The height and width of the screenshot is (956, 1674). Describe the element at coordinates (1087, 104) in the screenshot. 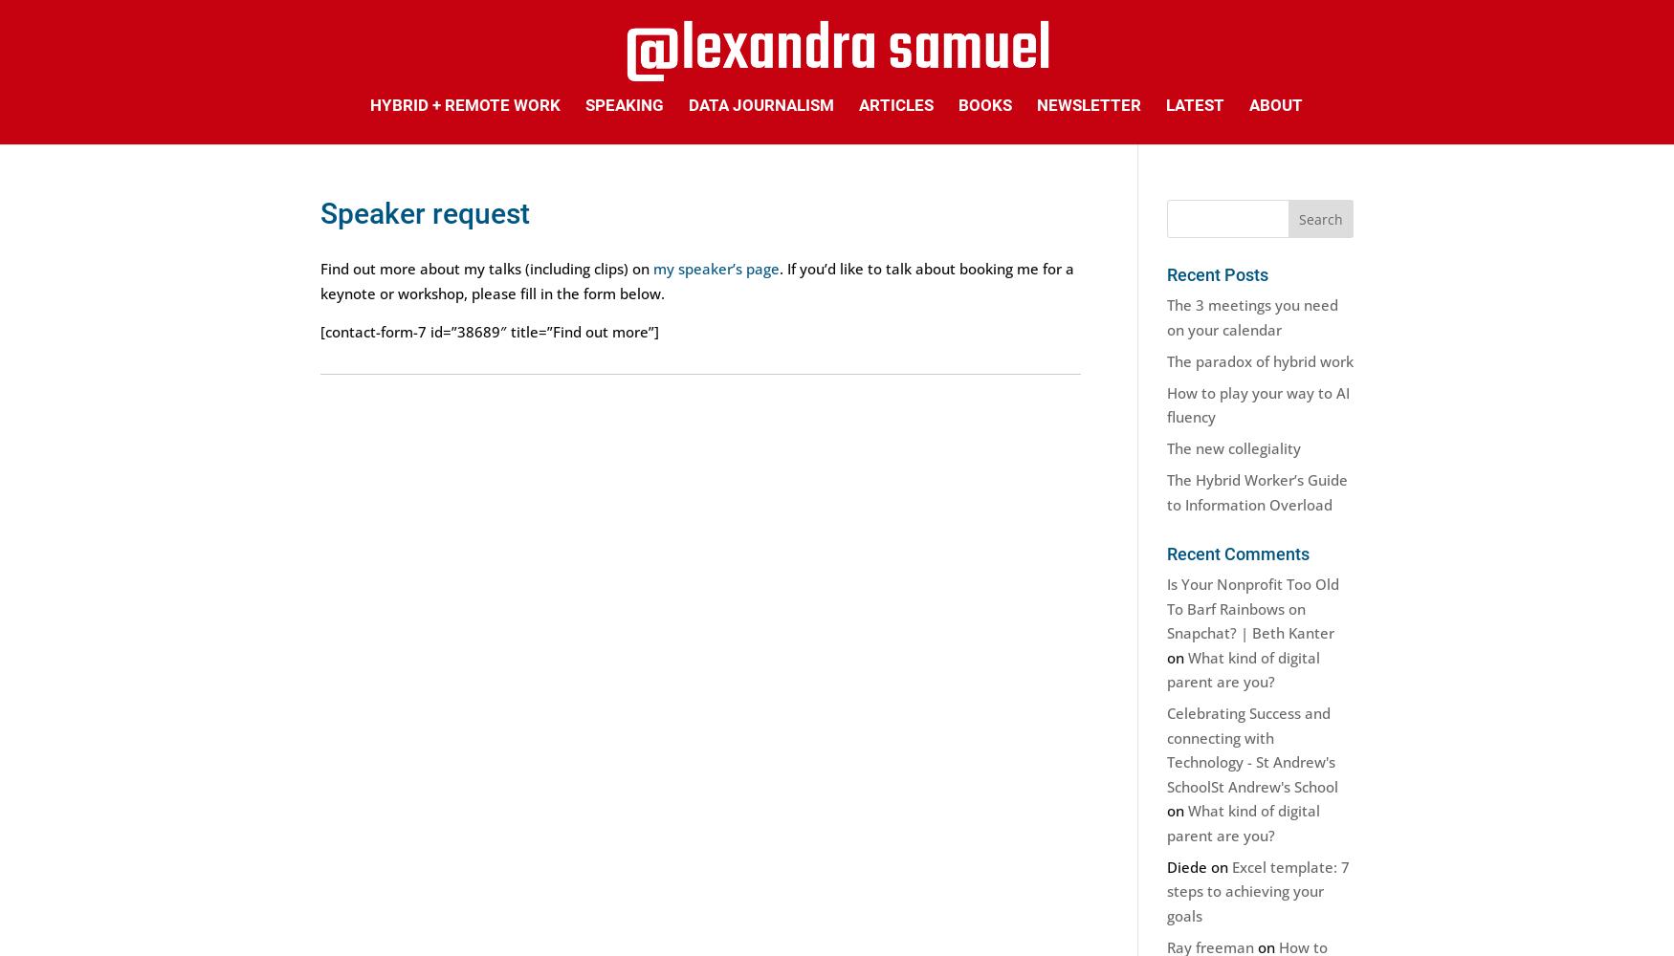

I see `'Newsletter'` at that location.